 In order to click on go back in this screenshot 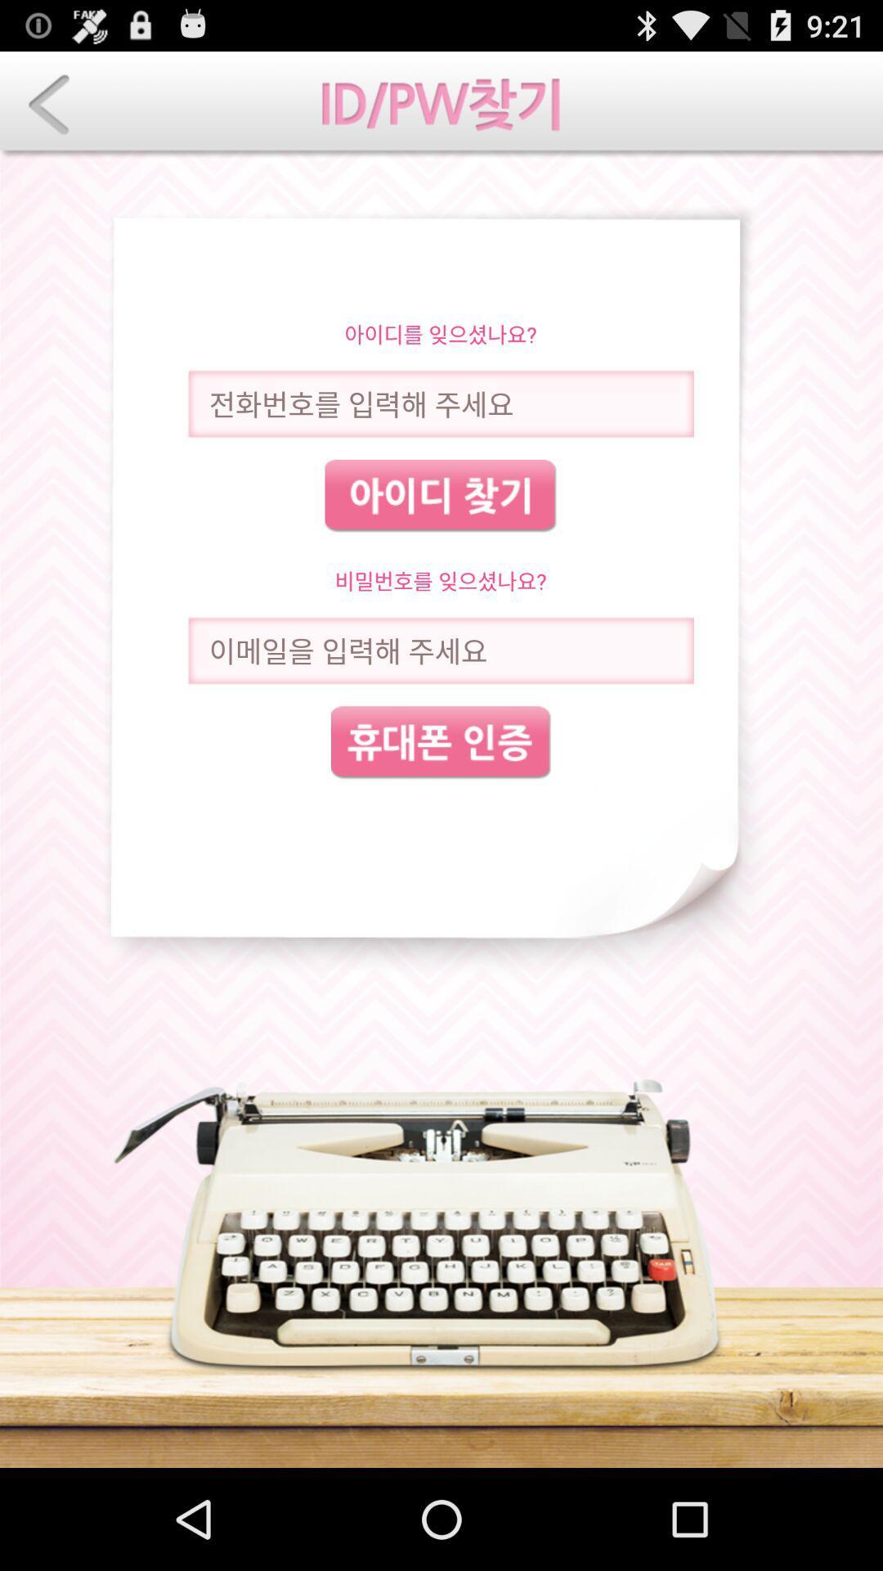, I will do `click(48, 104)`.